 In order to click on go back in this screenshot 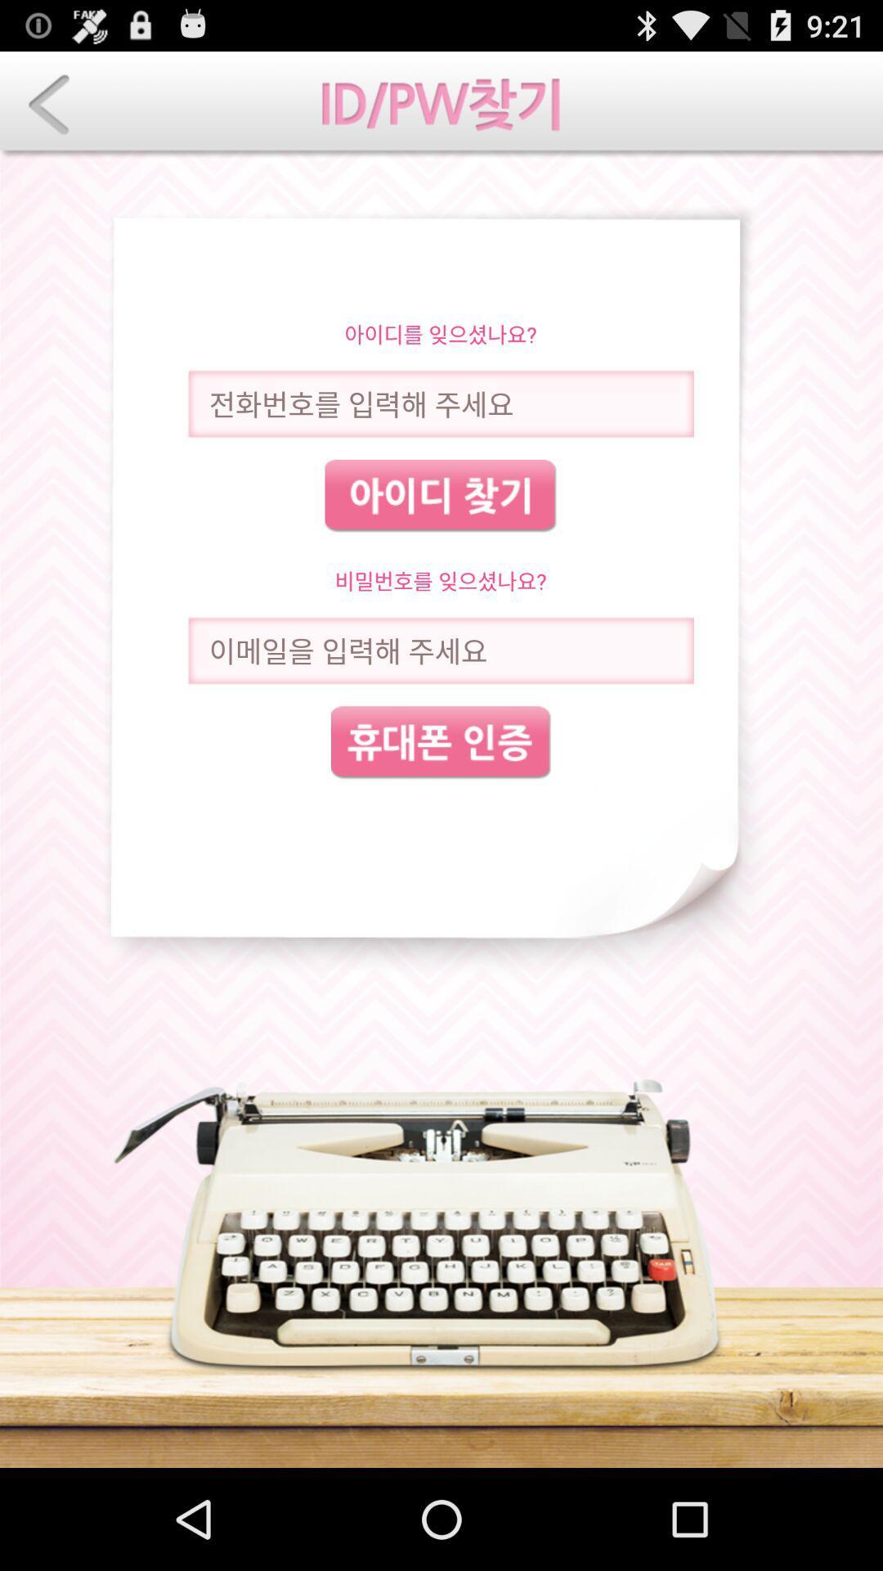, I will do `click(48, 104)`.